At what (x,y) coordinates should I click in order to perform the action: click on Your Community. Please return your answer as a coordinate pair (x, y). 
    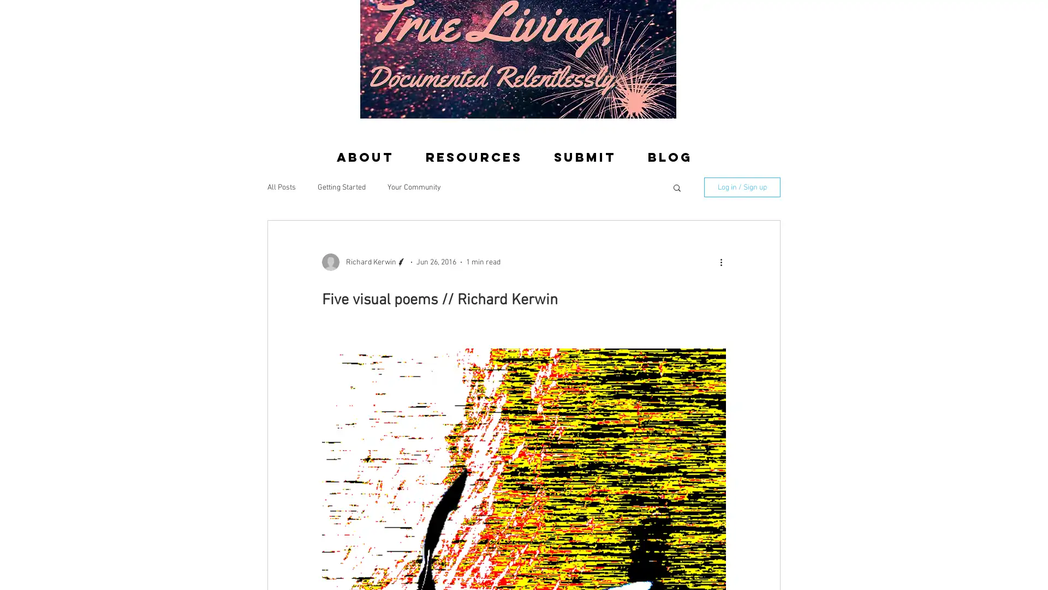
    Looking at the image, I should click on (413, 186).